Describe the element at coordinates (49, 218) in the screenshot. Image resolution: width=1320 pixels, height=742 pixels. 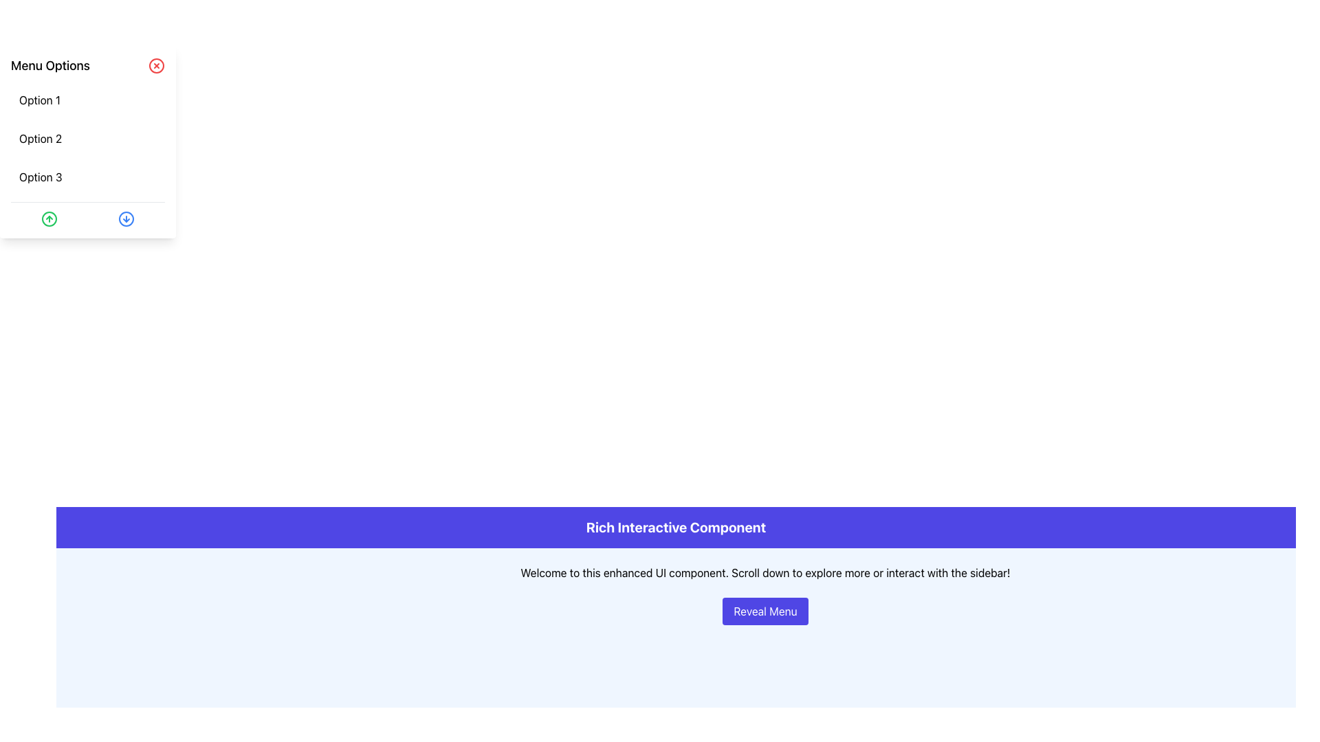
I see `the upward scroll button located in the menu options section at the bottom right, adjacent to a similar button with a downward arrow, to observe the hover effect` at that location.